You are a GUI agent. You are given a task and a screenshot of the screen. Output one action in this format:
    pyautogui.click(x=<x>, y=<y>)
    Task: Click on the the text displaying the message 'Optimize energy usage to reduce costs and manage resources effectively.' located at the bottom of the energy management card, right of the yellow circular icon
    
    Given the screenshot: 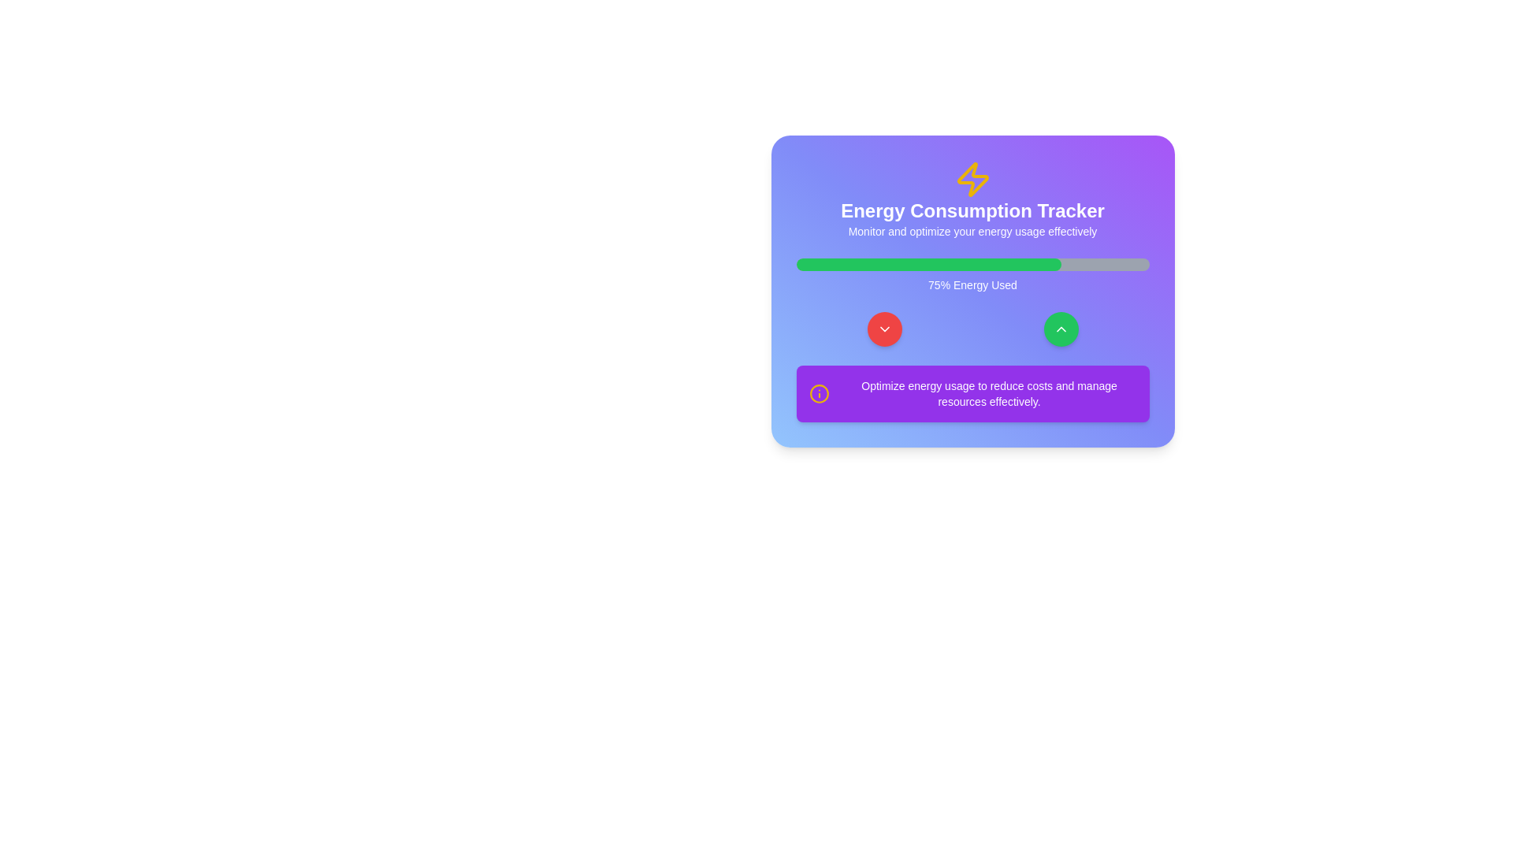 What is the action you would take?
    pyautogui.click(x=988, y=393)
    